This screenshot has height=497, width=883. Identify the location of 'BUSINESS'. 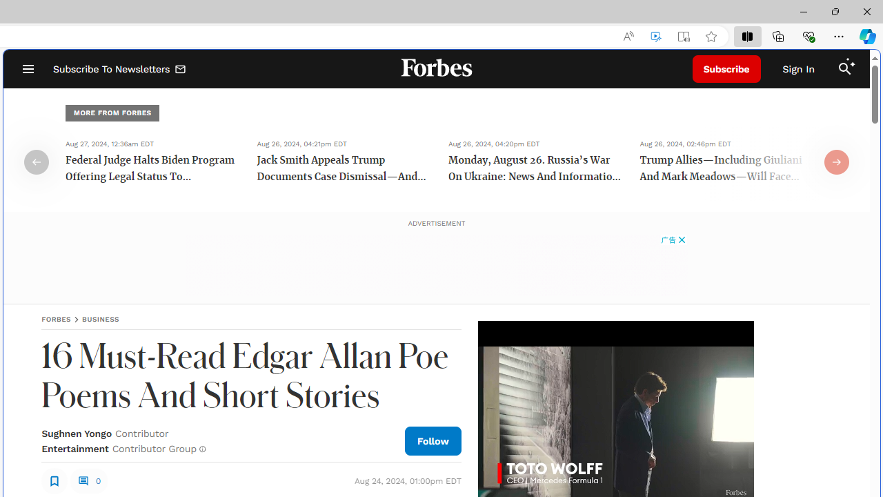
(99, 319).